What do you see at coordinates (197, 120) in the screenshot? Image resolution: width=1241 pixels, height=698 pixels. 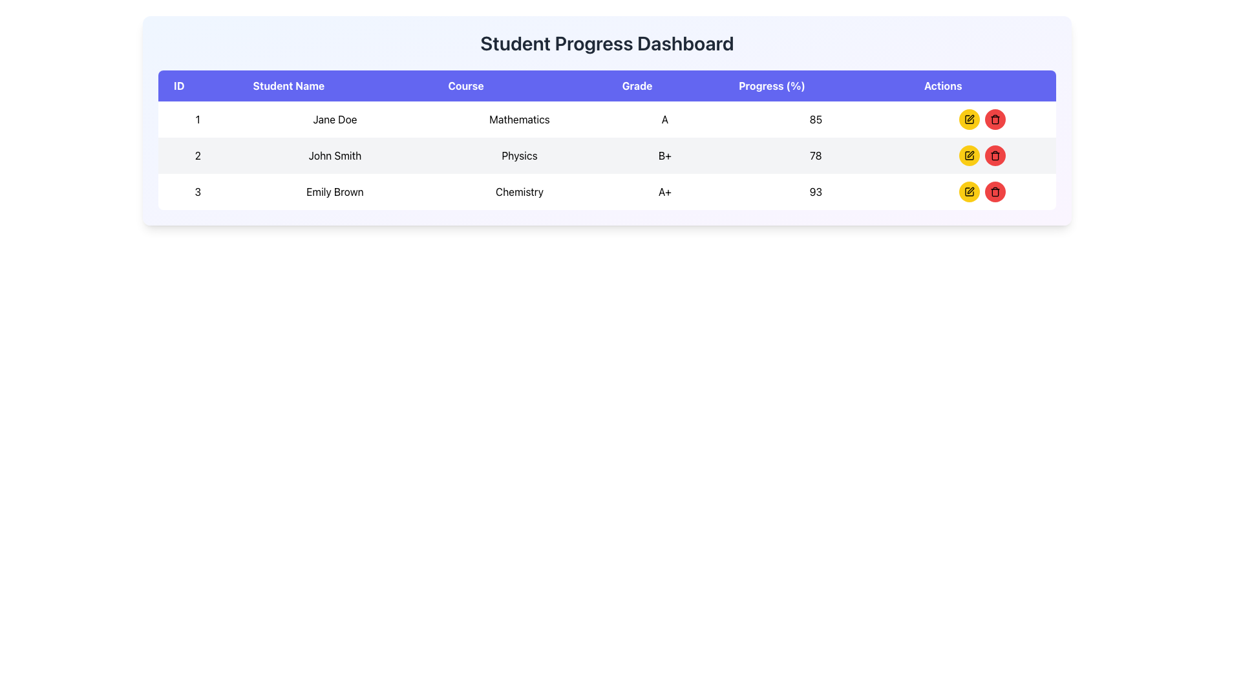 I see `the Text Label located in the first cell of the table row, which identifies the position or serial number of the entry, situated to the left of 'Jane Doe'` at bounding box center [197, 120].